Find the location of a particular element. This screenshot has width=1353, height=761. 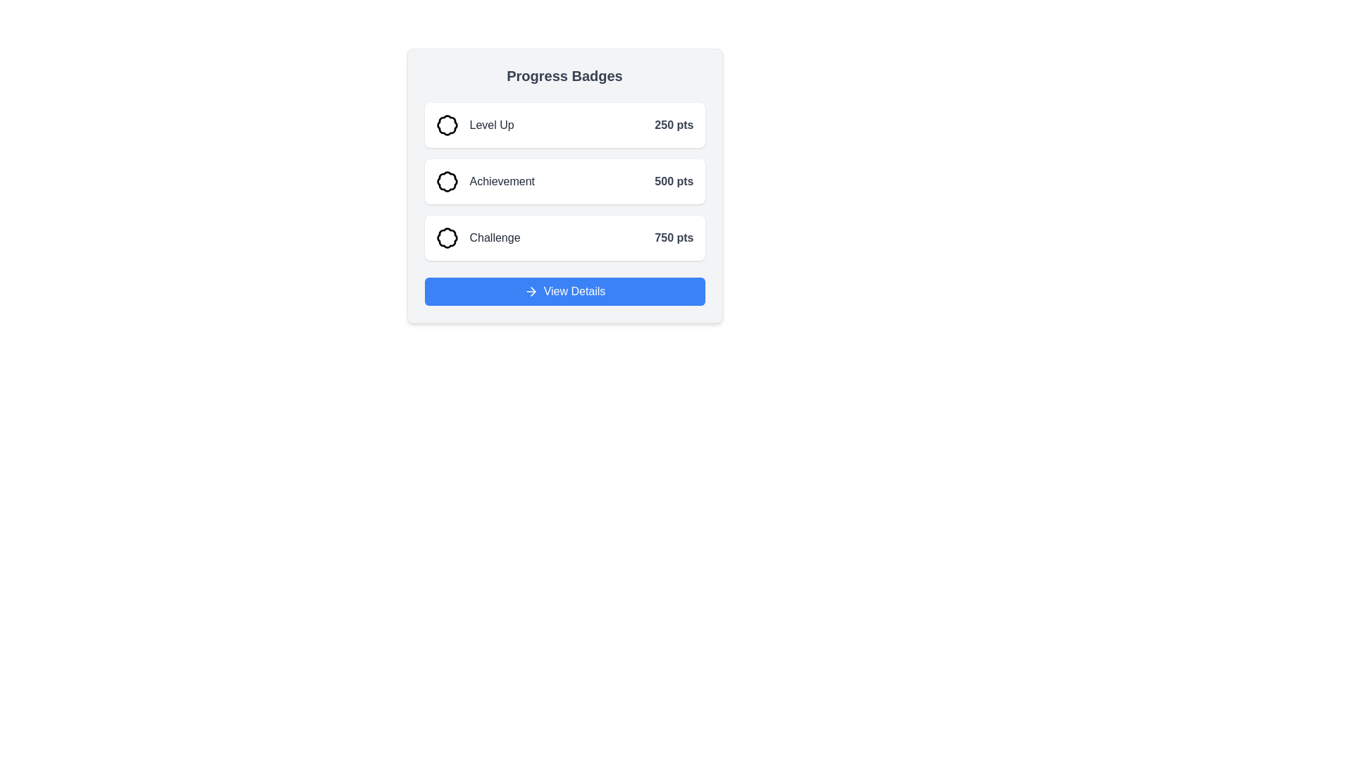

the graphical style of the 'Challenge' badge icon located in the third row of the badge list, positioned to the left of the text 'Challenge' is located at coordinates (446, 237).